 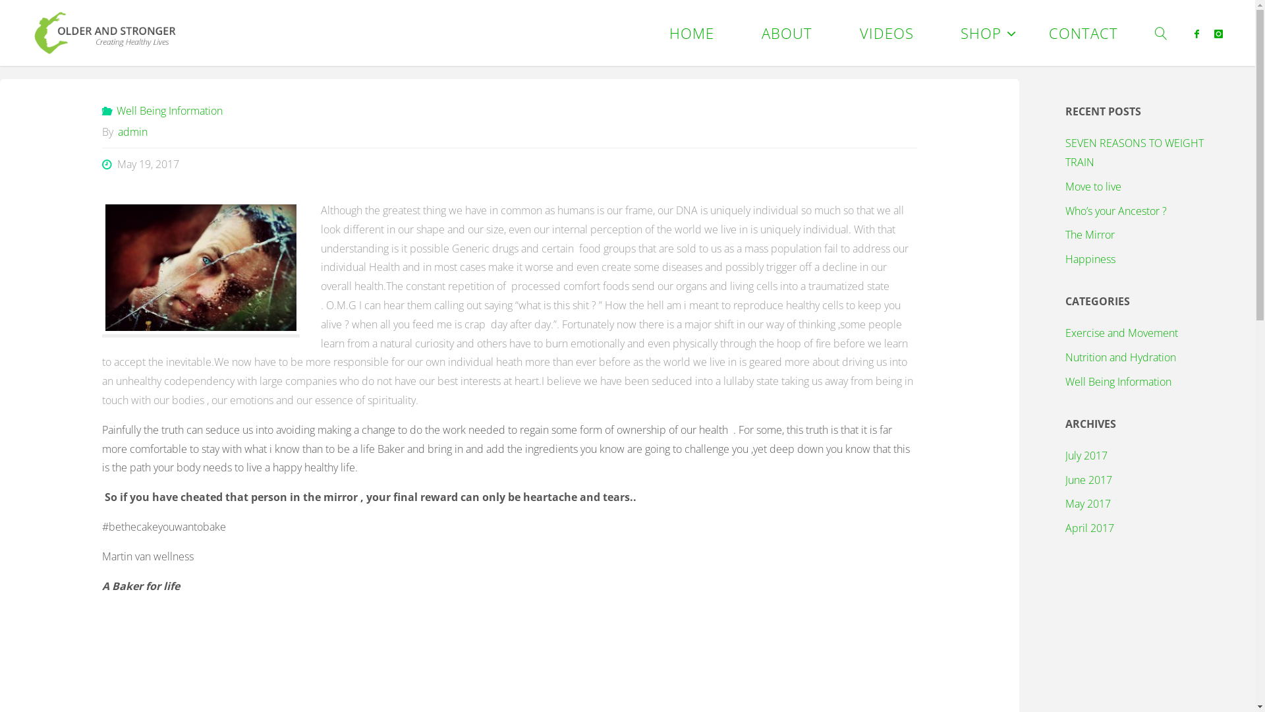 What do you see at coordinates (1090, 233) in the screenshot?
I see `'The Mirror'` at bounding box center [1090, 233].